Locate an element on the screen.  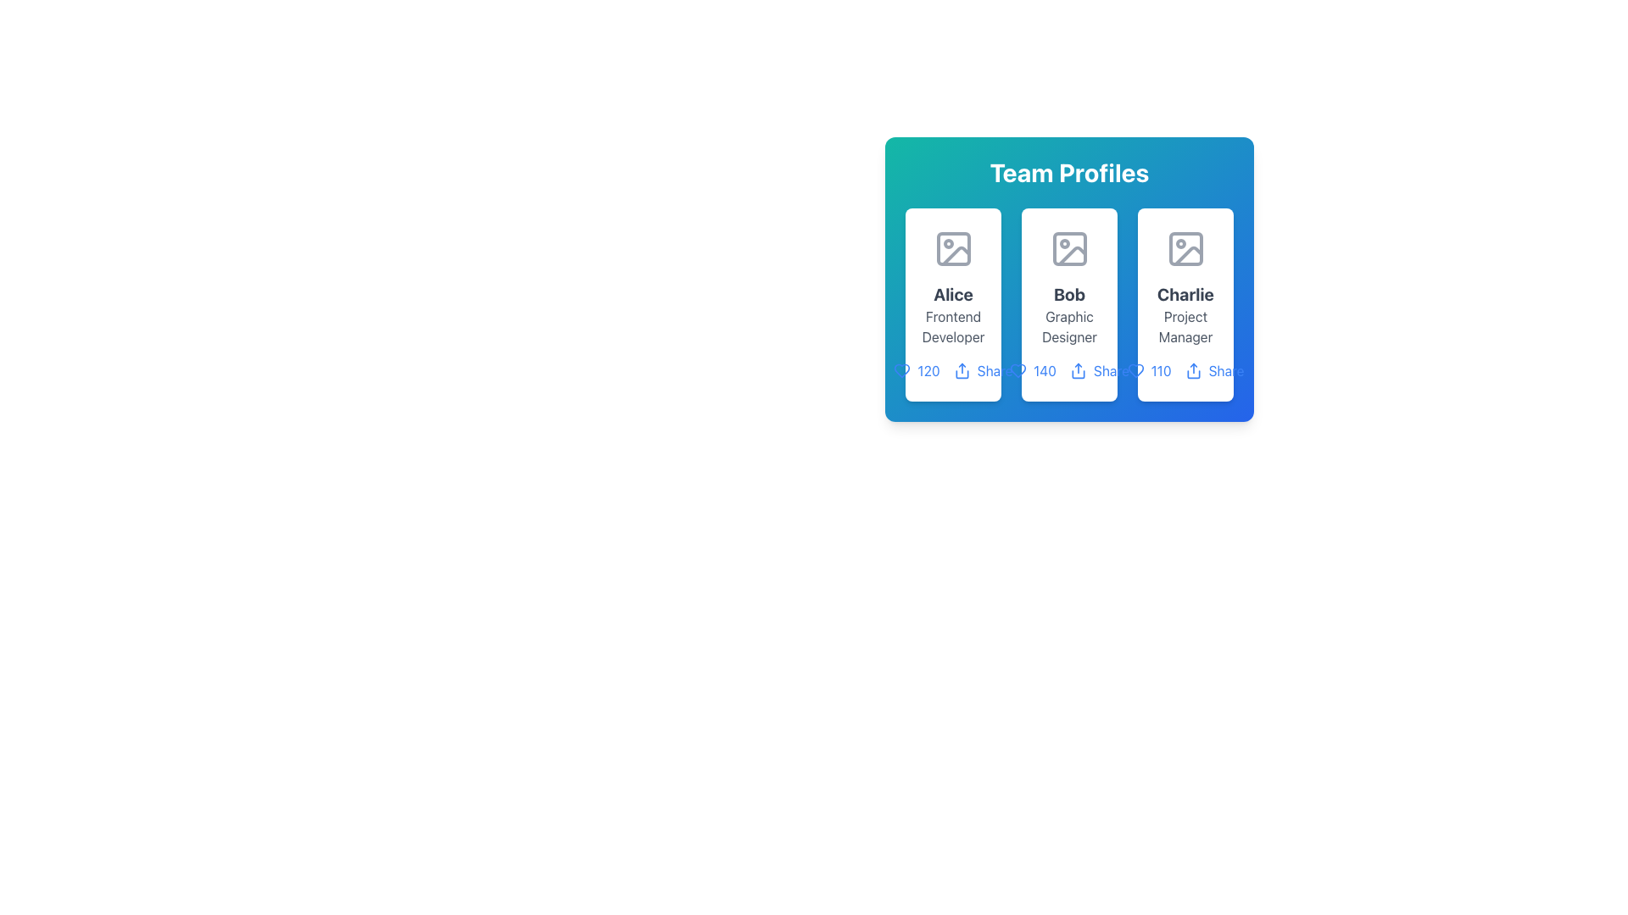
the heart-shaped icon associated with the 'Charlie' profile in the 'Team Profiles' section is located at coordinates (1135, 370).